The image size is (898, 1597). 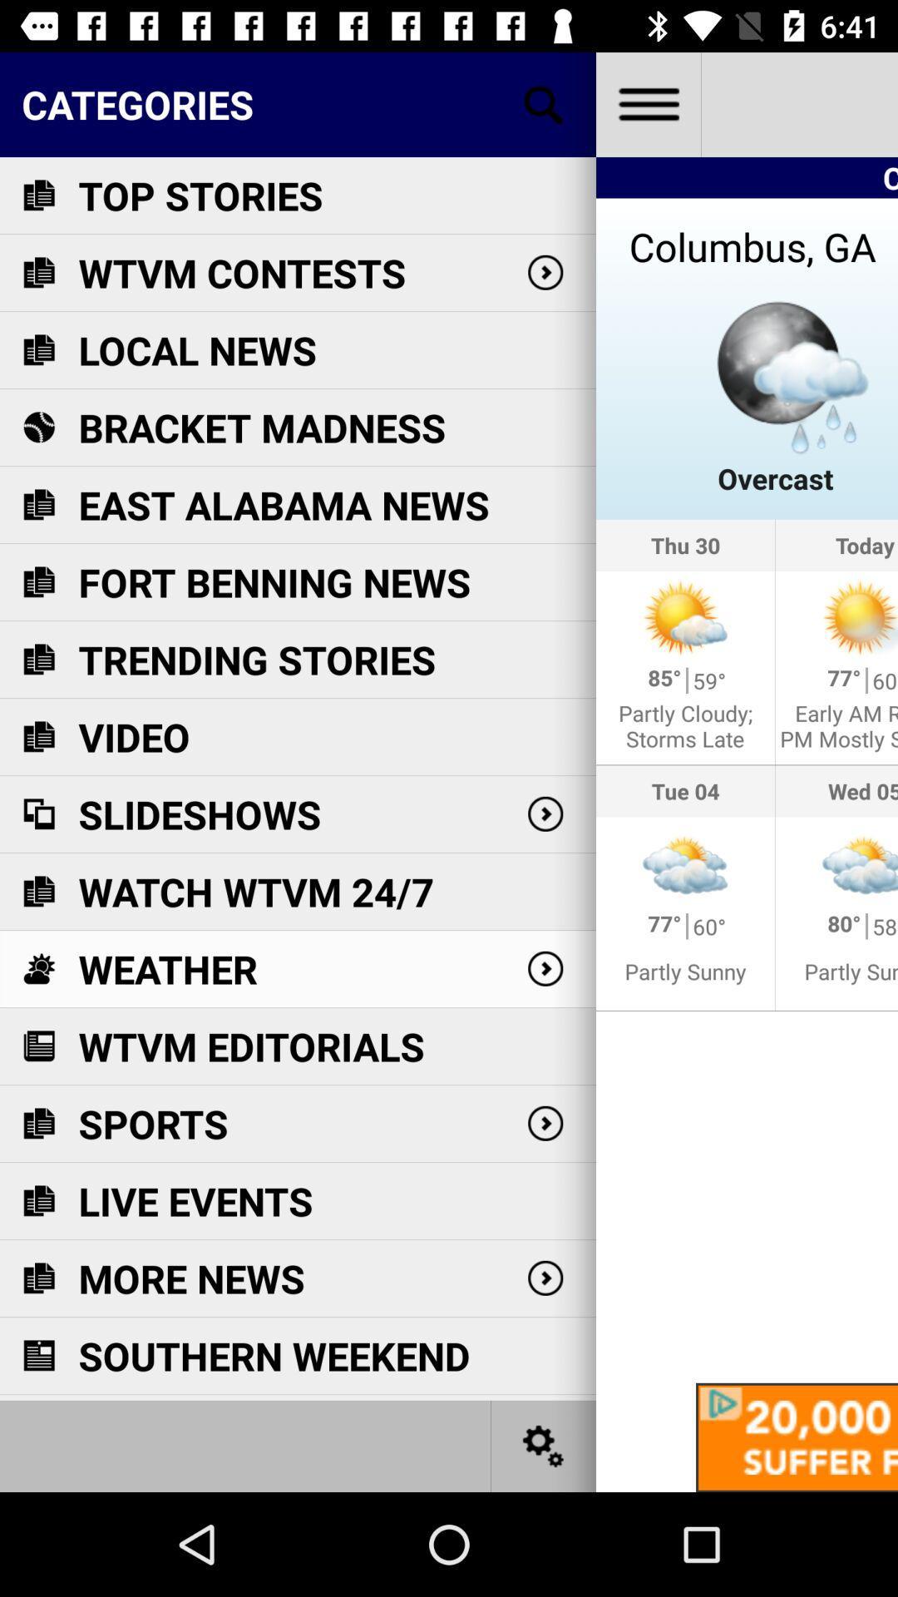 I want to click on the menu icon, so click(x=647, y=103).